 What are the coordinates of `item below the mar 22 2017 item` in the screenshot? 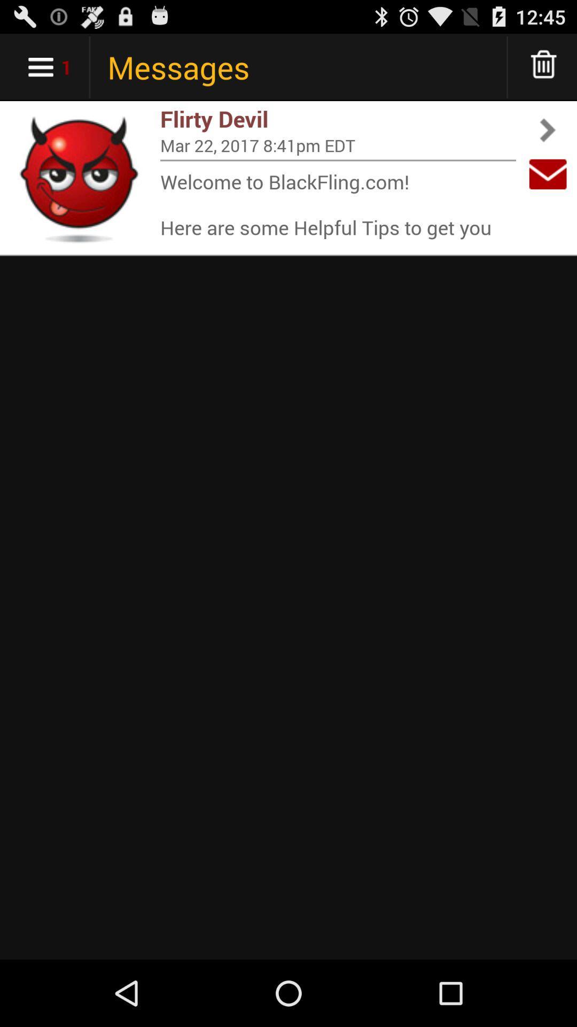 It's located at (338, 159).